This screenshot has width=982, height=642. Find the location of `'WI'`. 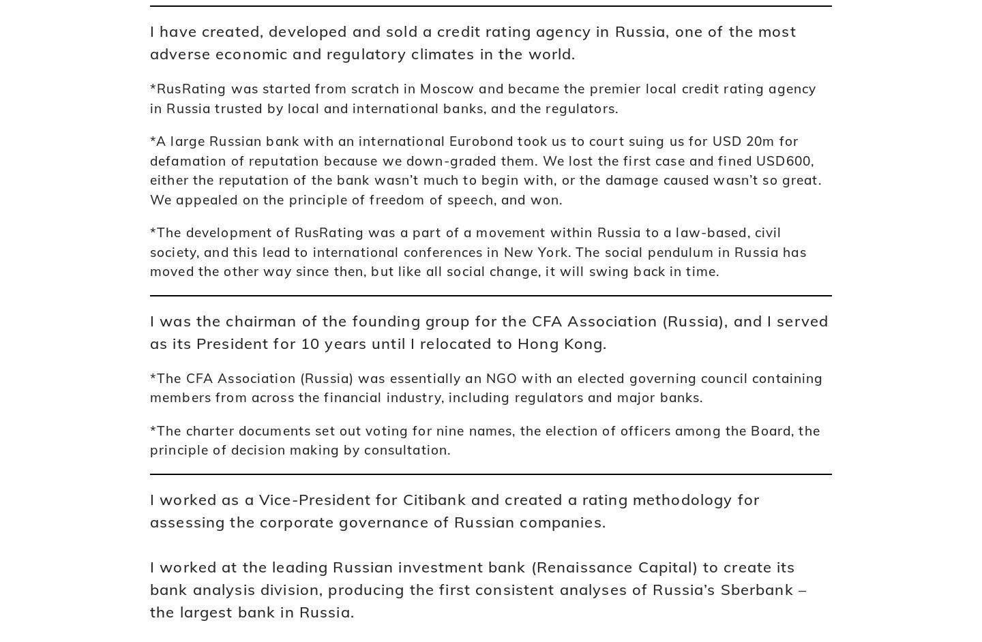

'WI' is located at coordinates (193, 283).